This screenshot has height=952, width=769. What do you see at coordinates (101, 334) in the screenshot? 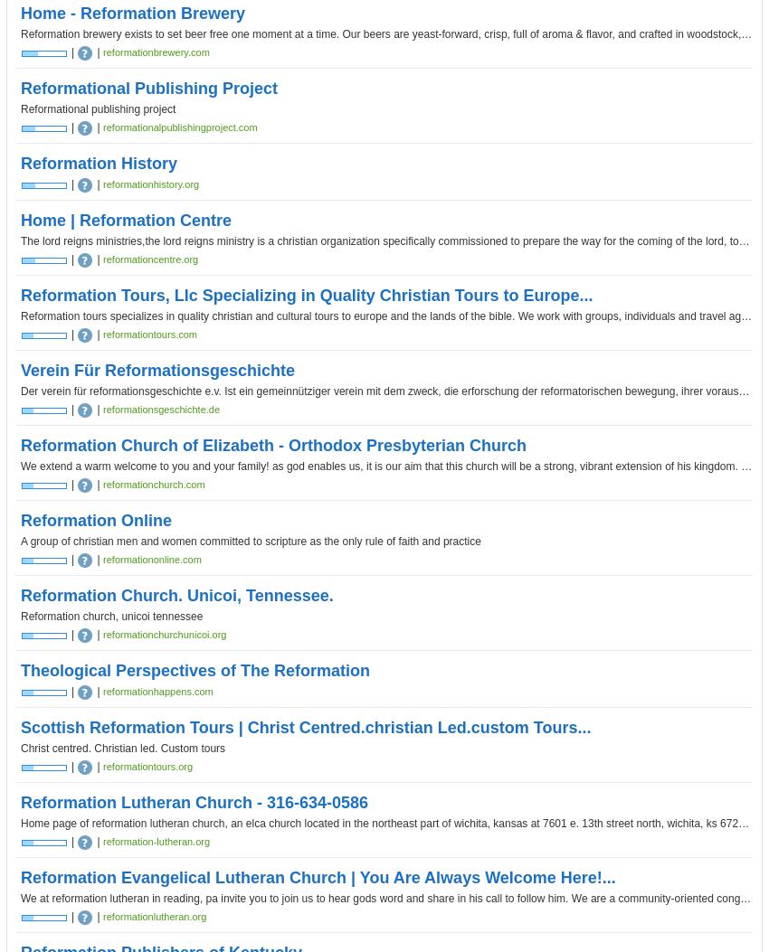
I see `'reformationtours.com'` at bounding box center [101, 334].